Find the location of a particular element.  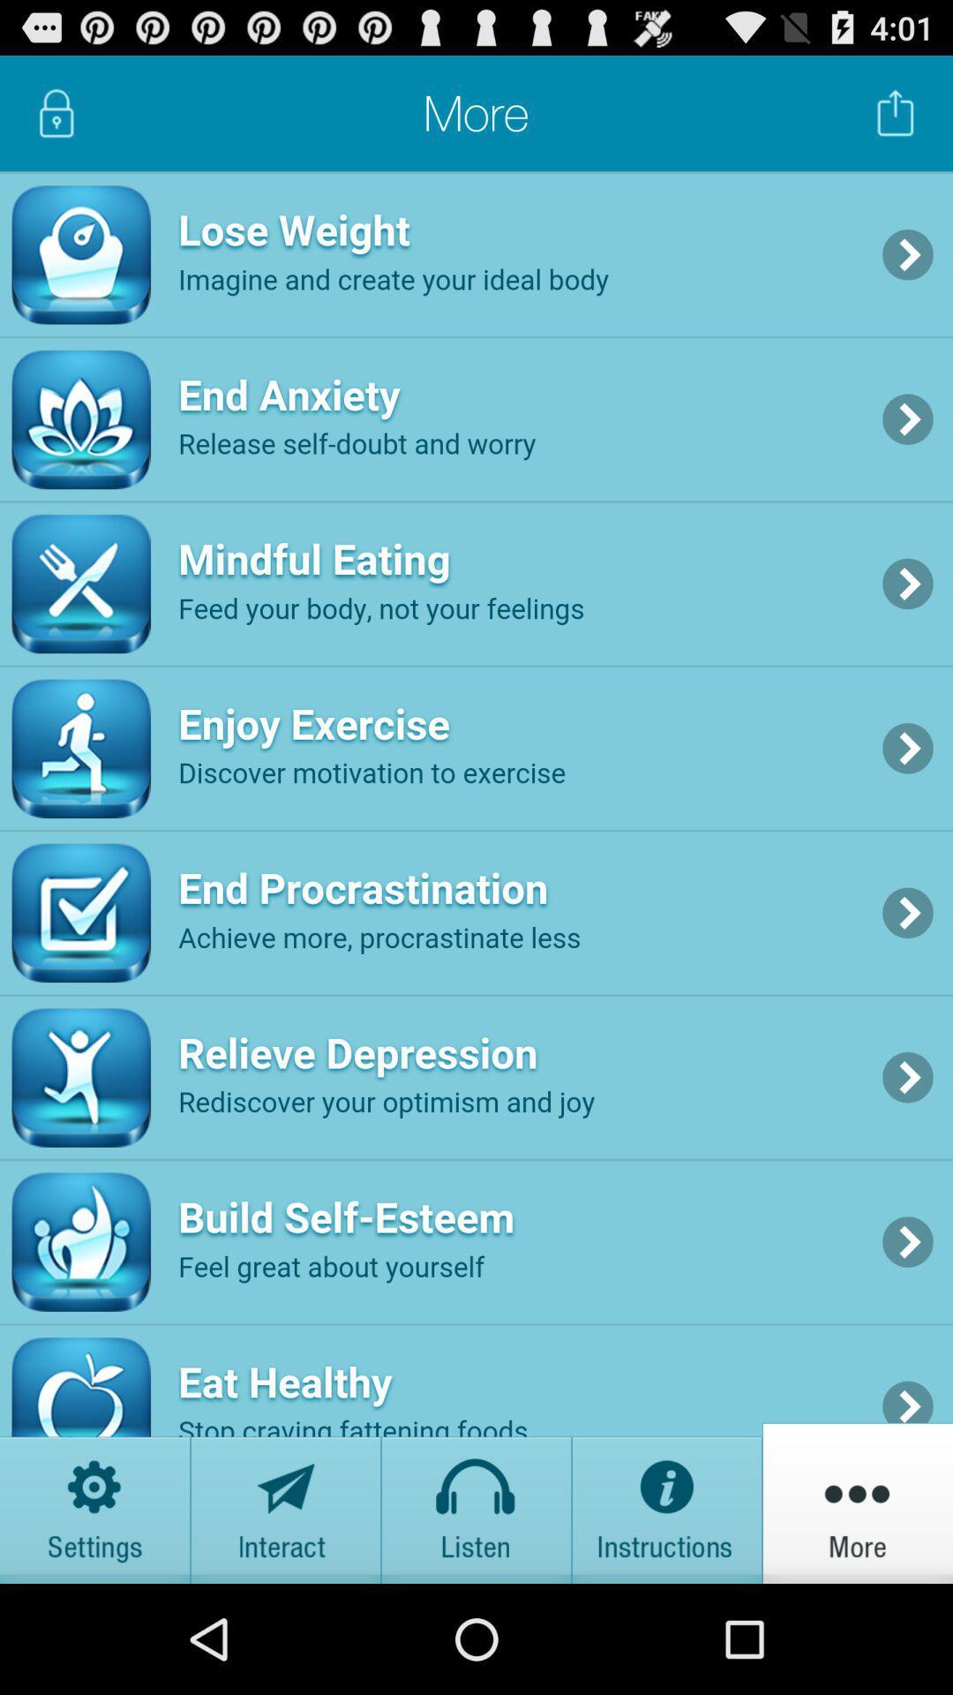

settings option is located at coordinates (95, 1502).